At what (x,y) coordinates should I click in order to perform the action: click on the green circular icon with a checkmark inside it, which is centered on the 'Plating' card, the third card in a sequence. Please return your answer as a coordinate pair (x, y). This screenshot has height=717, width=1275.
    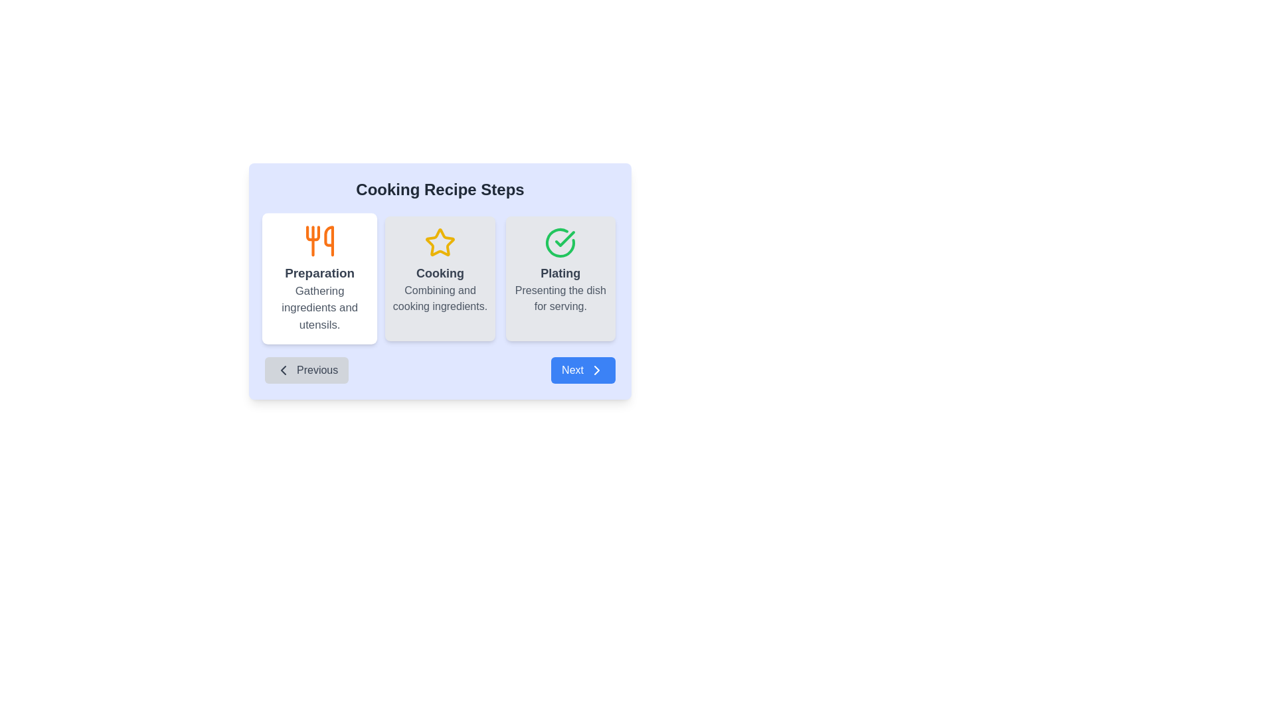
    Looking at the image, I should click on (560, 243).